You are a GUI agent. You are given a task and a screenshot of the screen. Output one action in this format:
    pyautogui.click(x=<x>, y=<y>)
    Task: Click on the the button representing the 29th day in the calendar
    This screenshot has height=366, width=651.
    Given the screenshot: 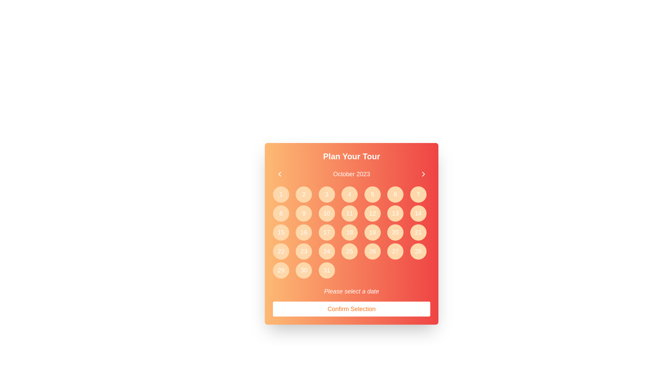 What is the action you would take?
    pyautogui.click(x=281, y=270)
    